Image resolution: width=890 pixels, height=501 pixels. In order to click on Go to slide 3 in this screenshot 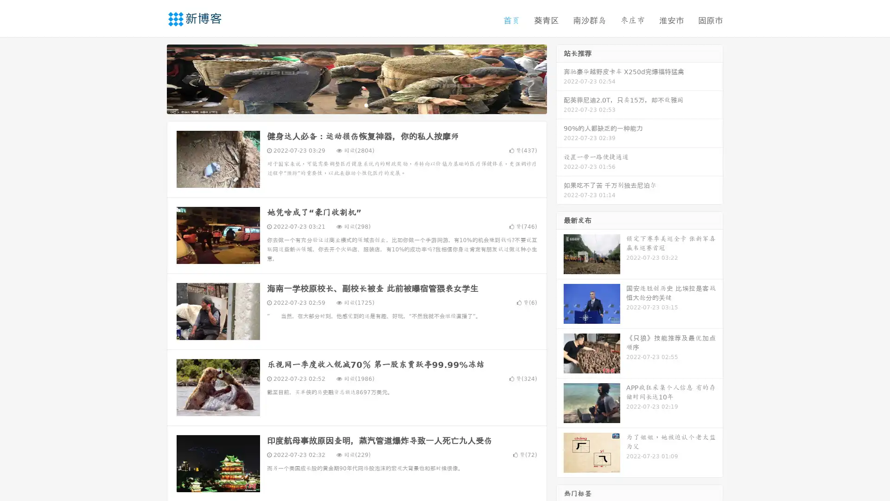, I will do `click(366, 104)`.